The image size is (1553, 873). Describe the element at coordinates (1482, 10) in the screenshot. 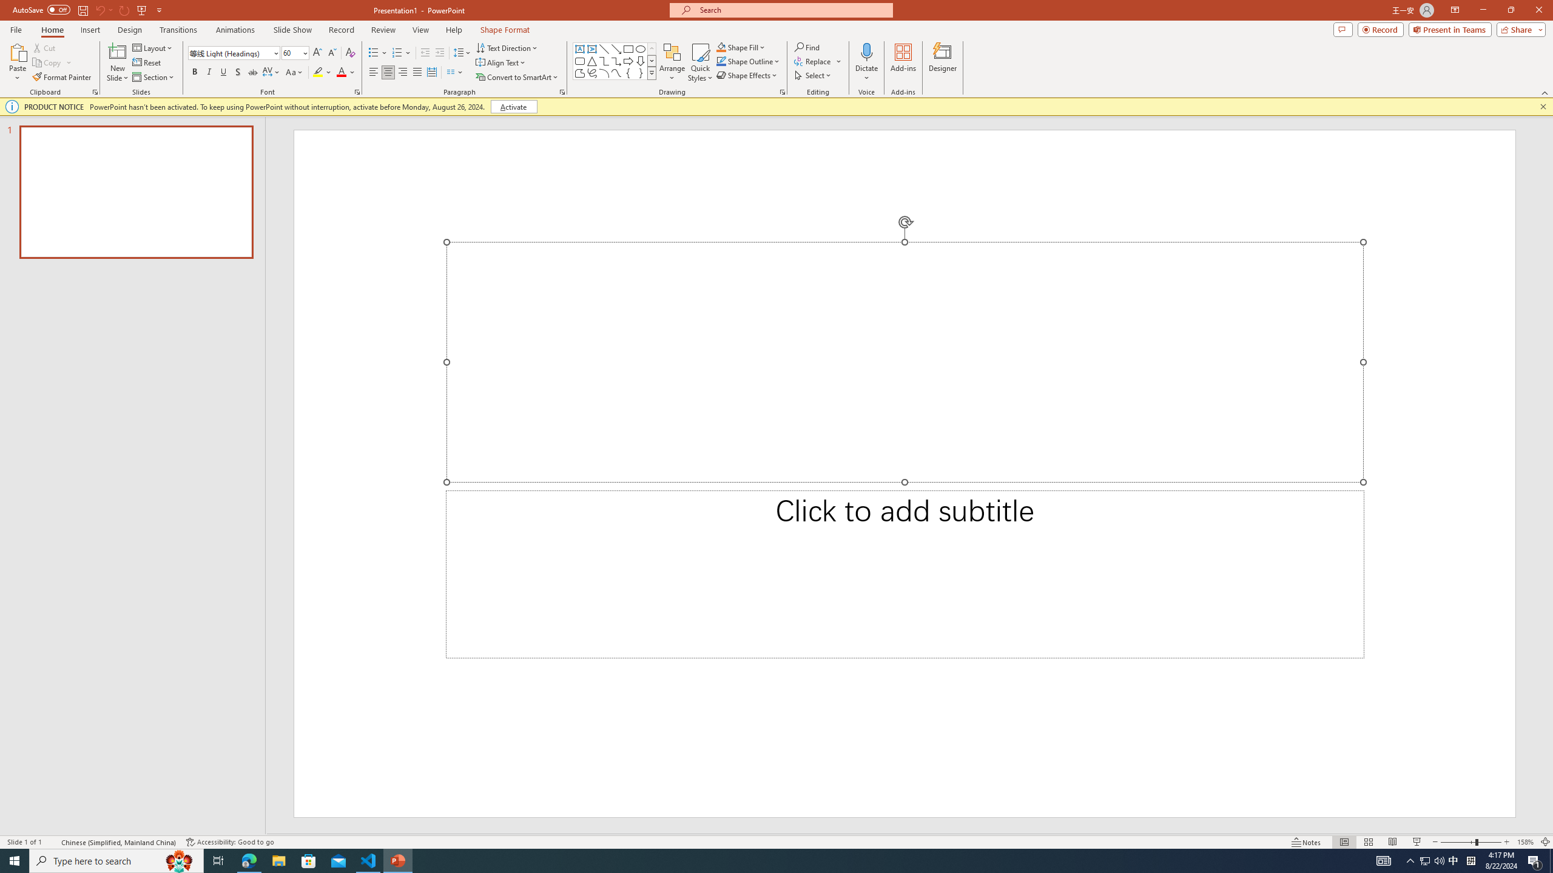

I see `'Minimize'` at that location.